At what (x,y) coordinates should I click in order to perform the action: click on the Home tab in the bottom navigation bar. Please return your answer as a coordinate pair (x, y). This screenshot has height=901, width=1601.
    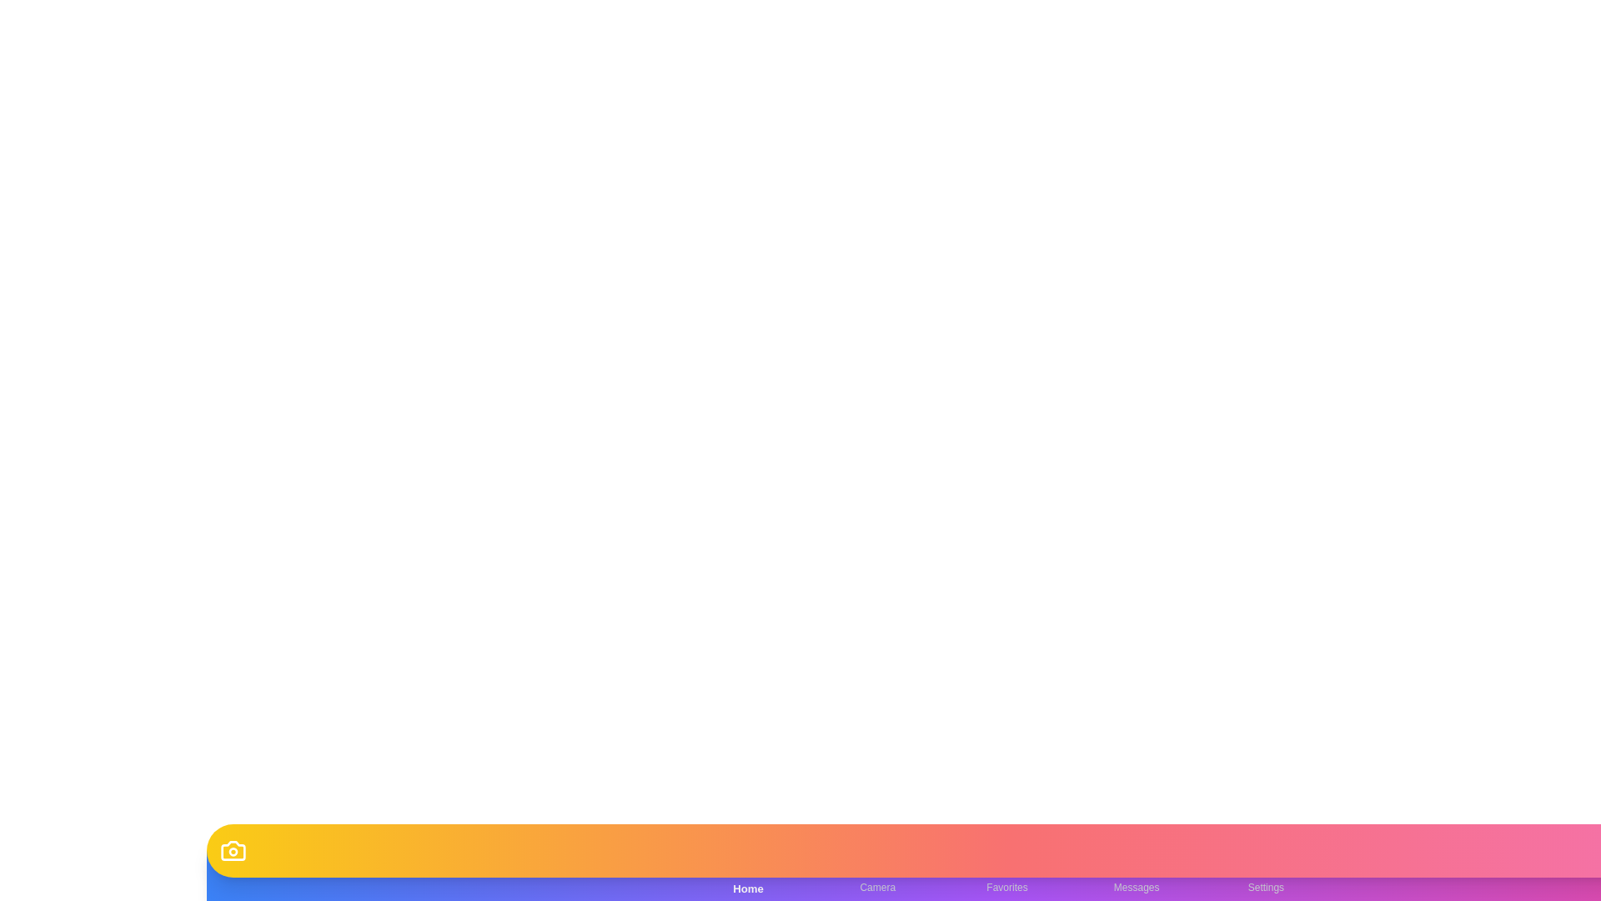
    Looking at the image, I should click on (747, 874).